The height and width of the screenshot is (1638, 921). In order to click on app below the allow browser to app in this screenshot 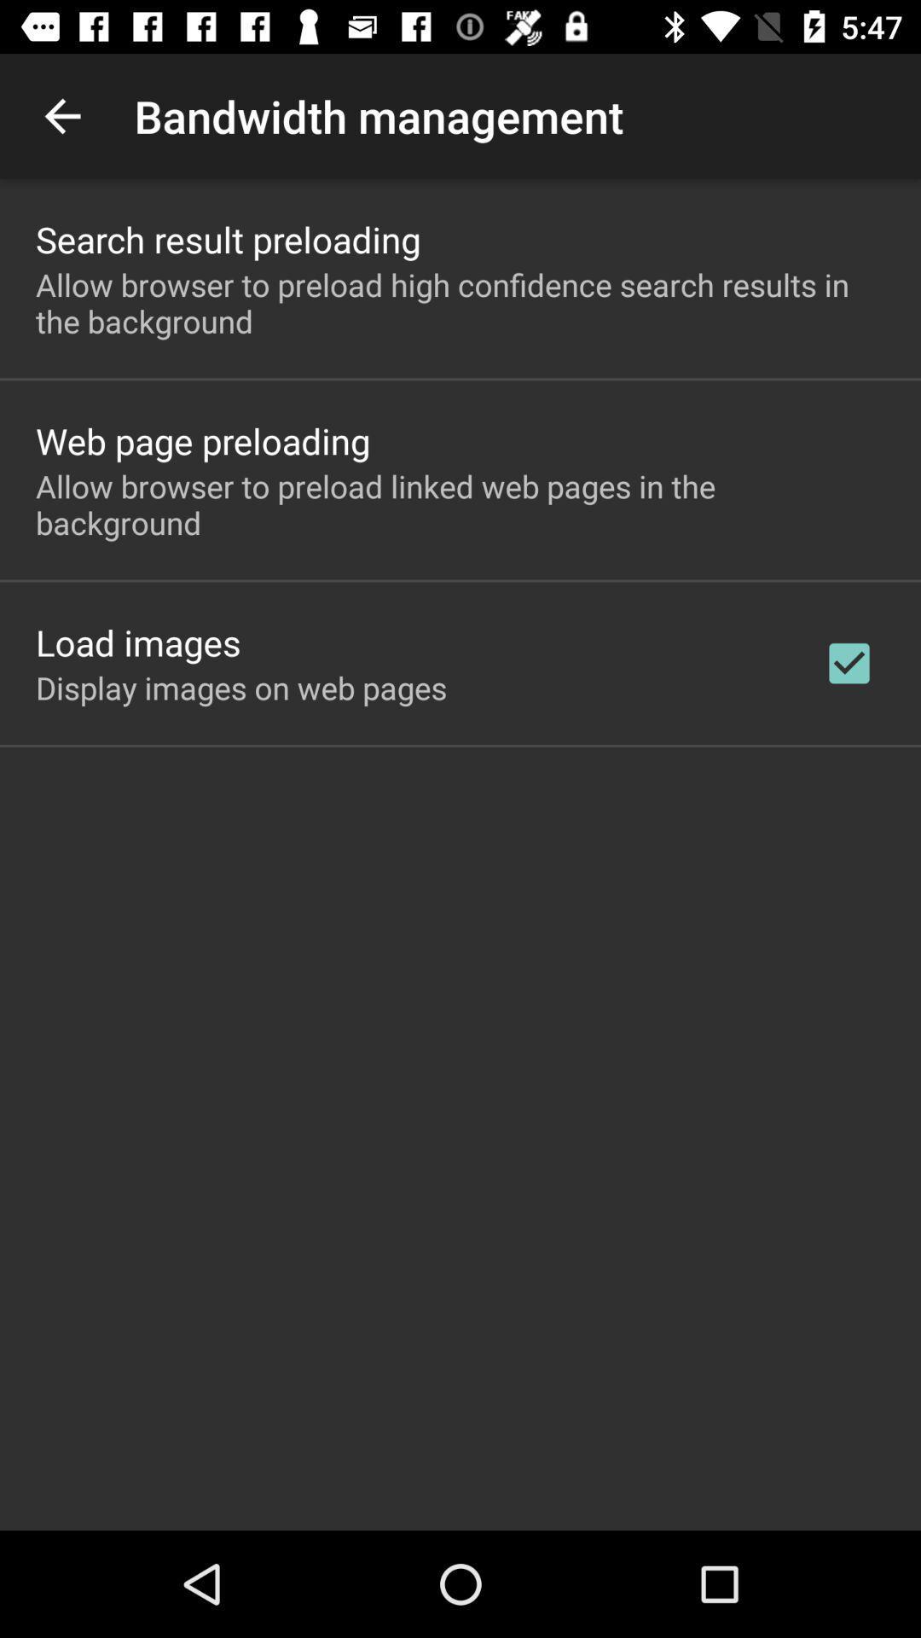, I will do `click(849, 662)`.